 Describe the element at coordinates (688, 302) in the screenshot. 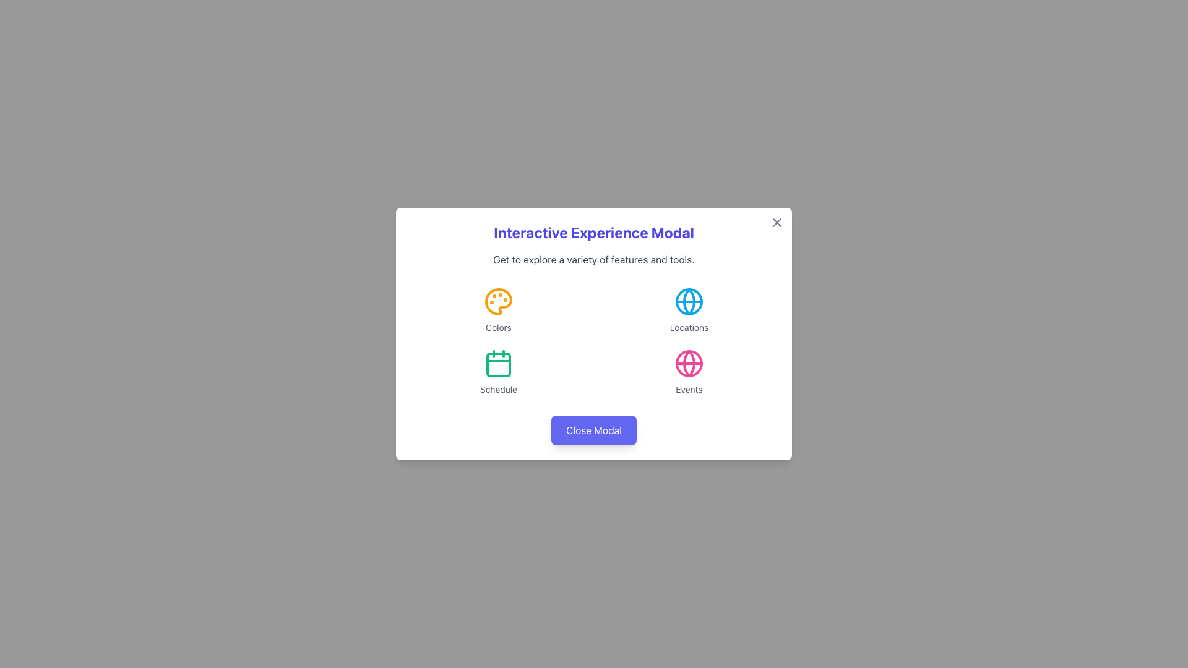

I see `the circular border of the globe design within the 'Locations' icon, located at the top-right corner of the main modal interface` at that location.